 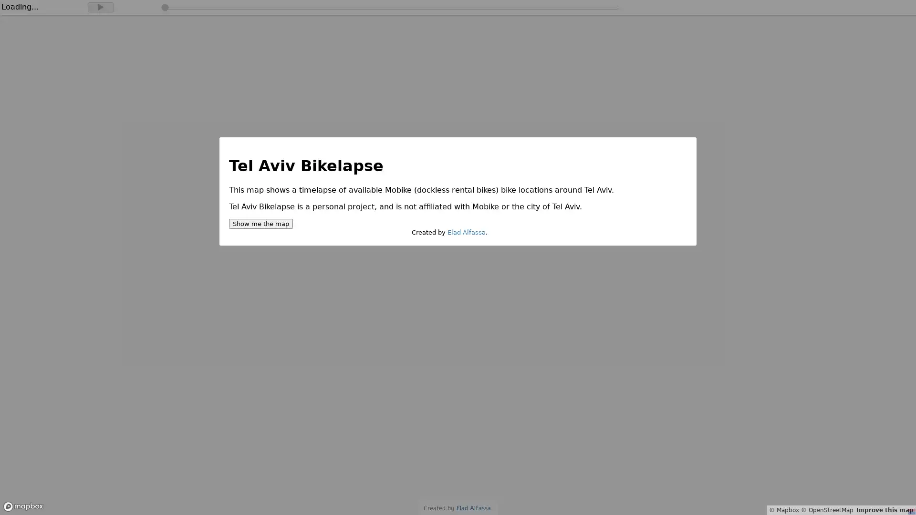 I want to click on Play timelapse, so click(x=100, y=7).